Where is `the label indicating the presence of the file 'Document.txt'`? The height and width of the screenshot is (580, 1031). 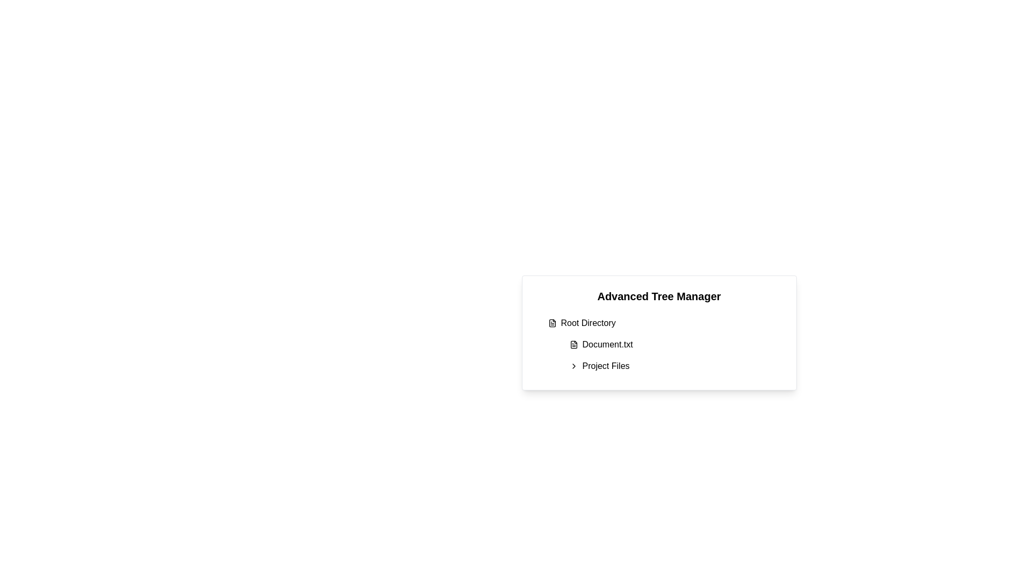 the label indicating the presence of the file 'Document.txt' is located at coordinates (607, 344).